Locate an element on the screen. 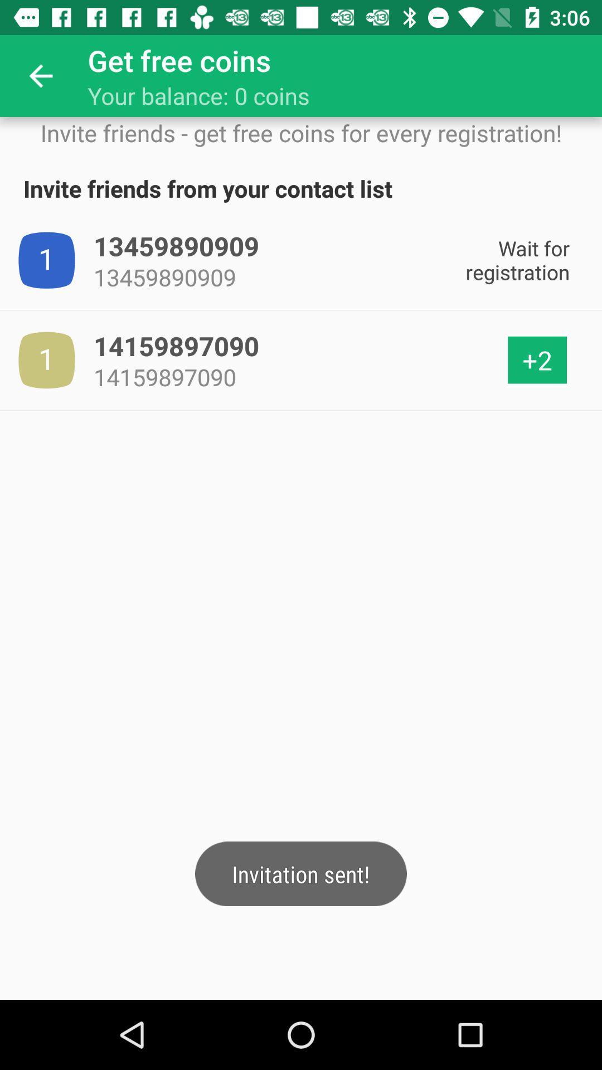 Image resolution: width=602 pixels, height=1070 pixels. the 2 button is located at coordinates (537, 360).